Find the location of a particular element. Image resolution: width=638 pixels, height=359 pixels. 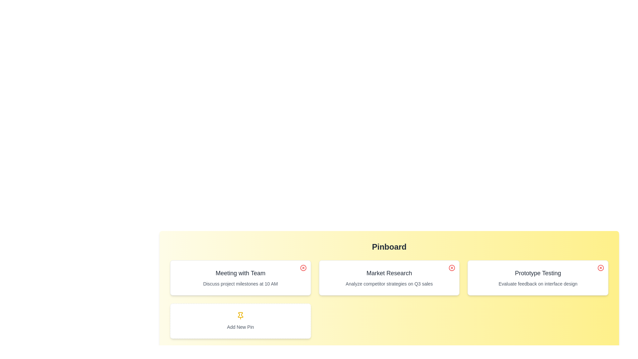

the pin with the title Market Research to read its details is located at coordinates (389, 278).